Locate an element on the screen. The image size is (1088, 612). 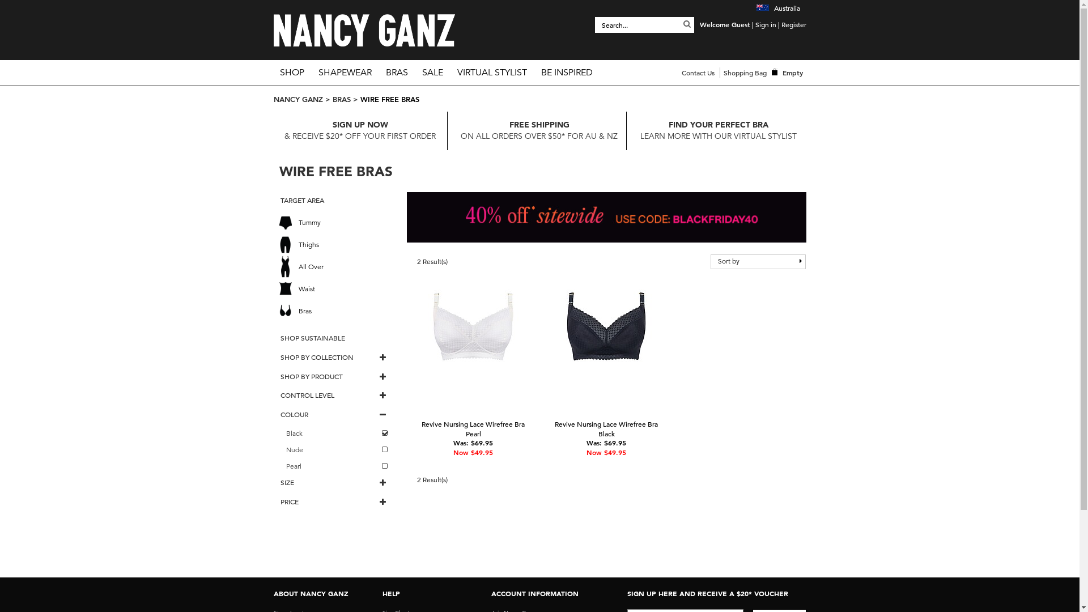
'Register' is located at coordinates (793, 24).